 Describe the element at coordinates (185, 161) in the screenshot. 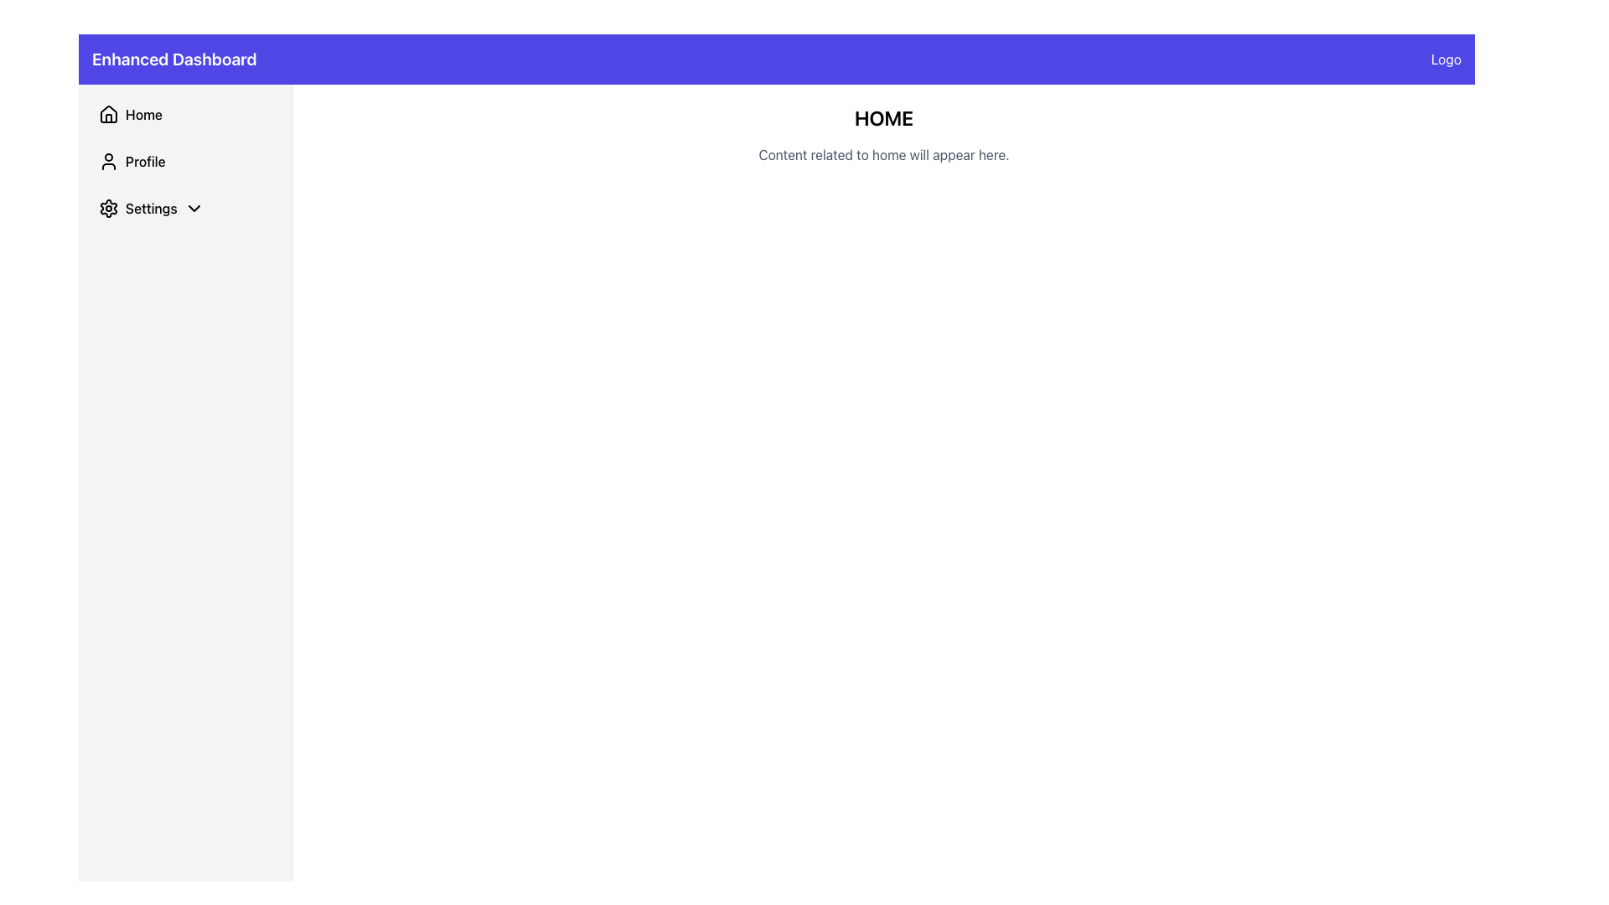

I see `the 'Profile' item in the vertical Navigation menu located in the left sidebar` at that location.